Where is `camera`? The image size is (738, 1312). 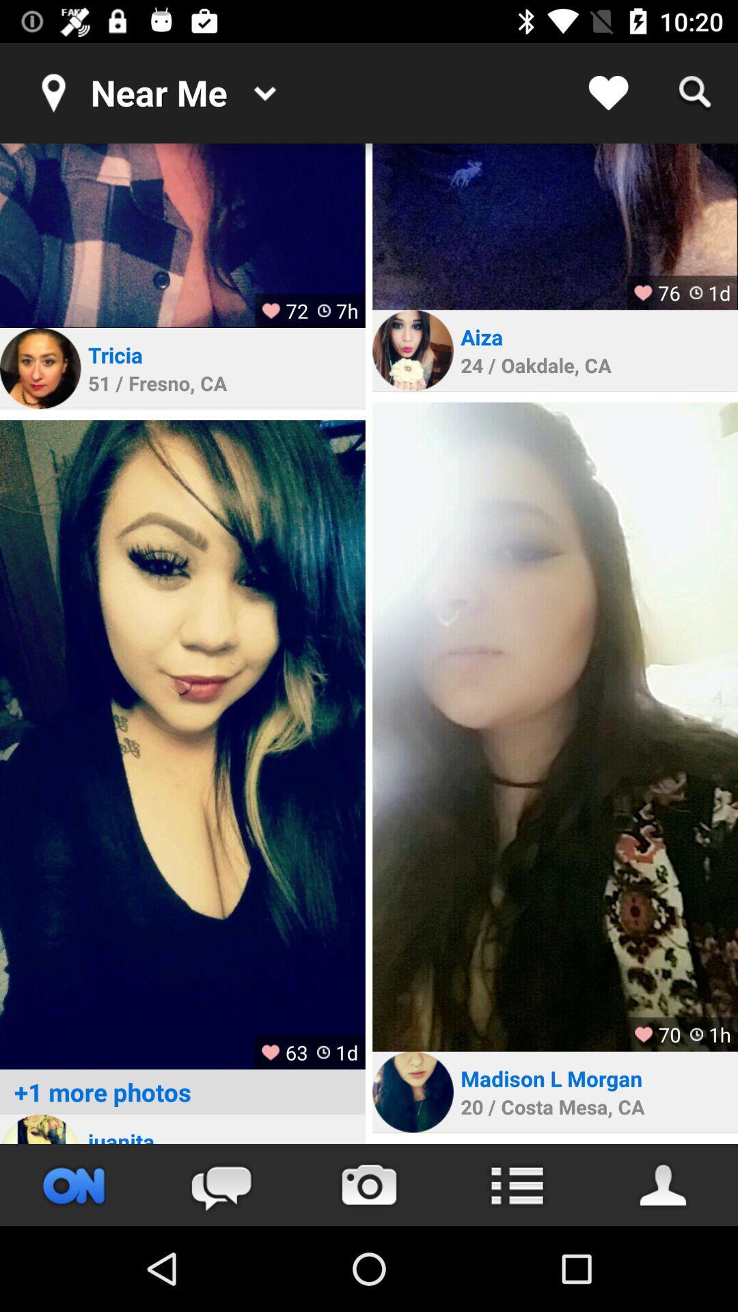
camera is located at coordinates (369, 1184).